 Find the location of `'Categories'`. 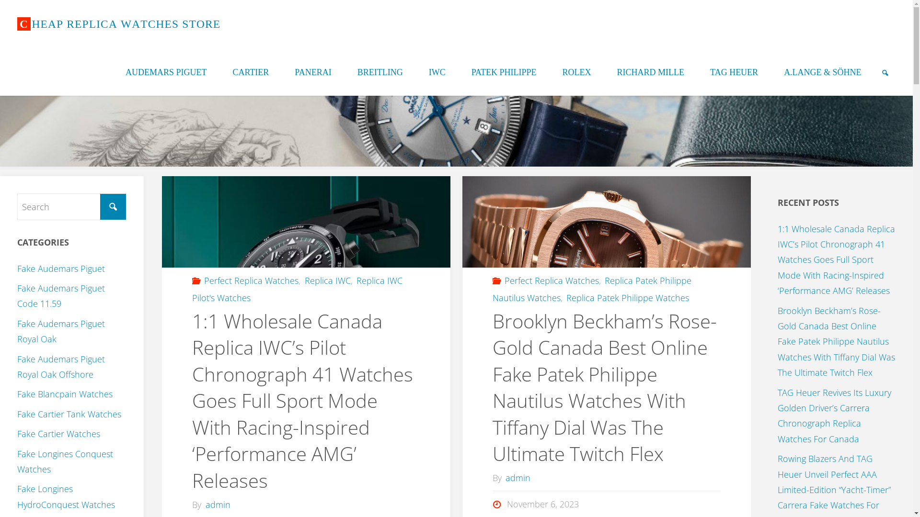

'Categories' is located at coordinates (497, 280).